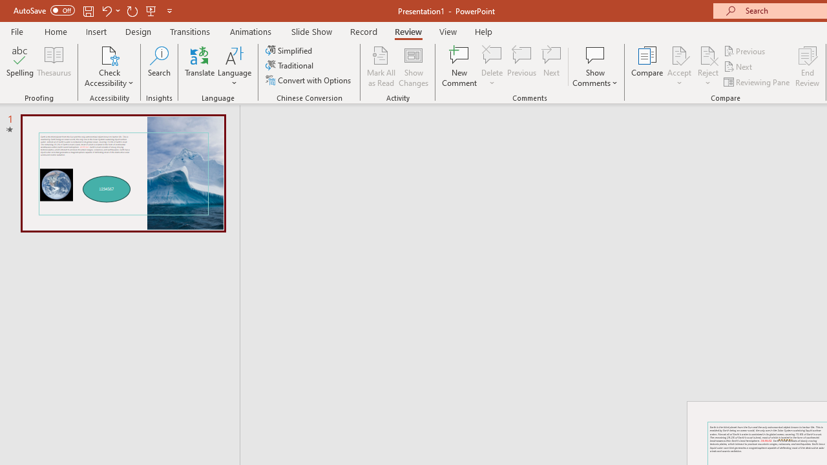 The image size is (827, 465). What do you see at coordinates (492, 54) in the screenshot?
I see `'Delete'` at bounding box center [492, 54].